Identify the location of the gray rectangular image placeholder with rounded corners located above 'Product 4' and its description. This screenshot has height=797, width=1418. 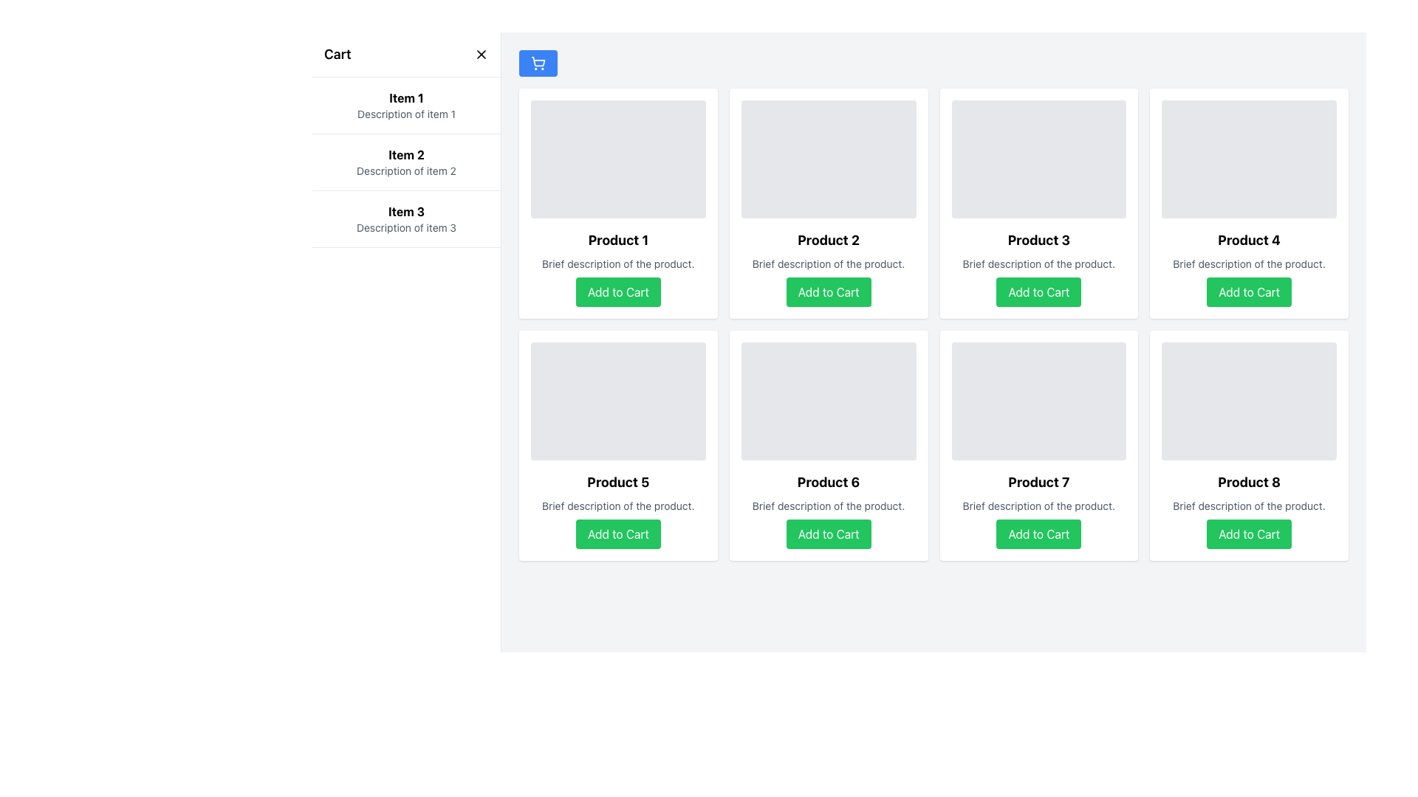
(1248, 159).